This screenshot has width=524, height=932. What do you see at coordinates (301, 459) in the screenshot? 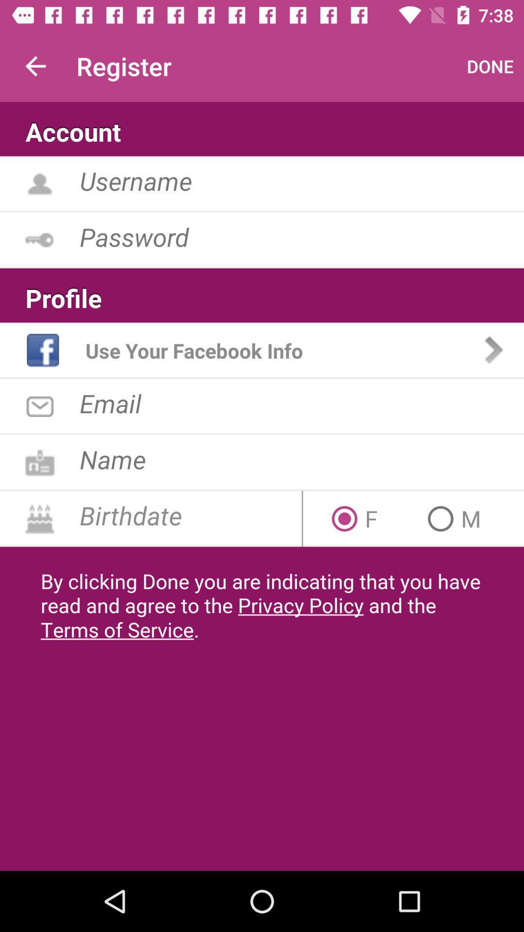
I see `text` at bounding box center [301, 459].